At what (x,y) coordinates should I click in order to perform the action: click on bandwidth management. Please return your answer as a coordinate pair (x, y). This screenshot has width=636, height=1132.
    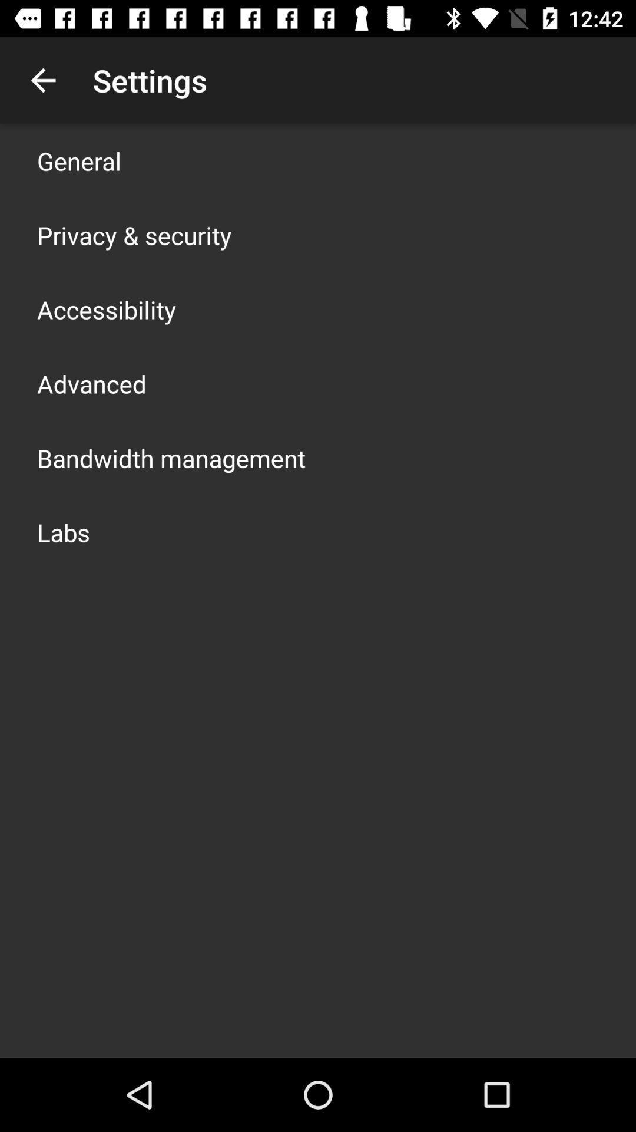
    Looking at the image, I should click on (171, 458).